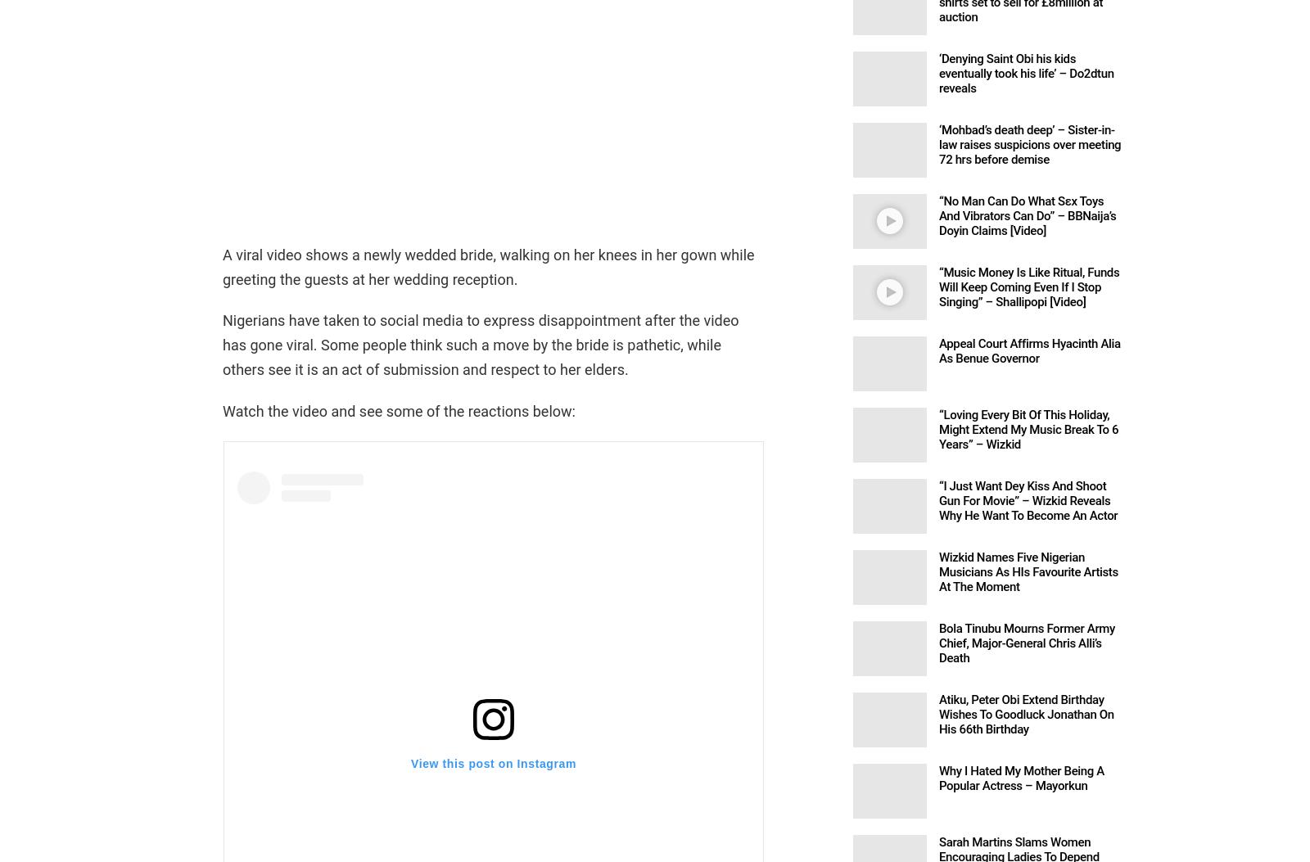 The width and height of the screenshot is (1310, 862). Describe the element at coordinates (398, 410) in the screenshot. I see `'Watch the video and see some of the reactions below:'` at that location.